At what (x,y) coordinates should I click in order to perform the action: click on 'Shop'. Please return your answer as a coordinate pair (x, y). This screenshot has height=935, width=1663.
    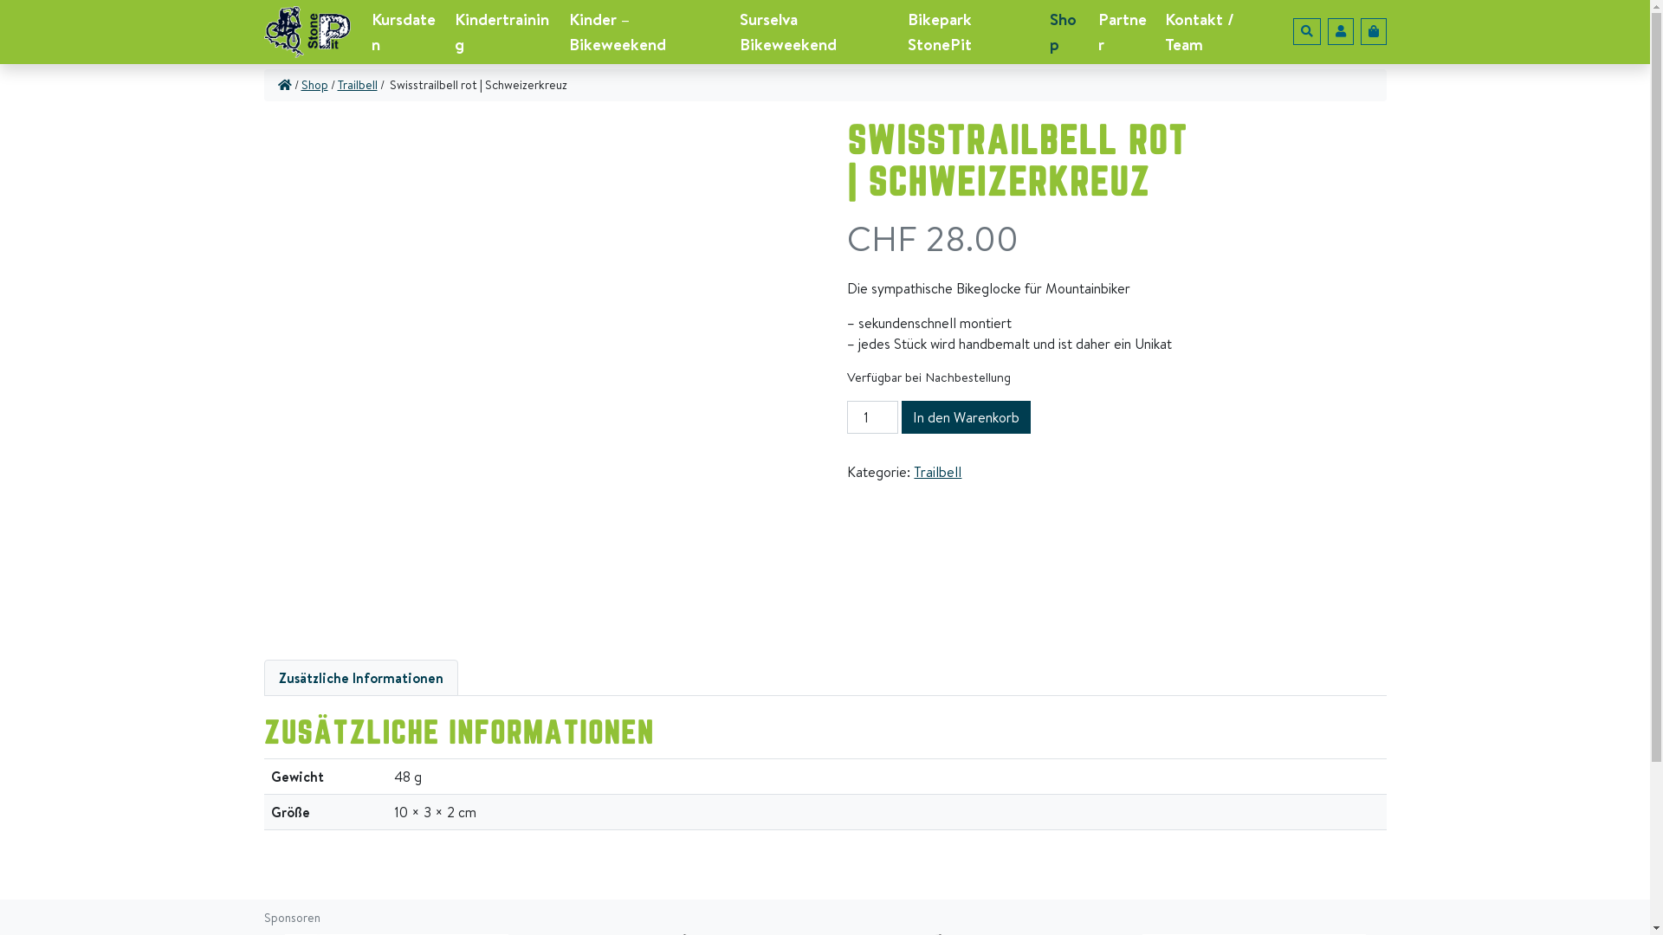
    Looking at the image, I should click on (1066, 32).